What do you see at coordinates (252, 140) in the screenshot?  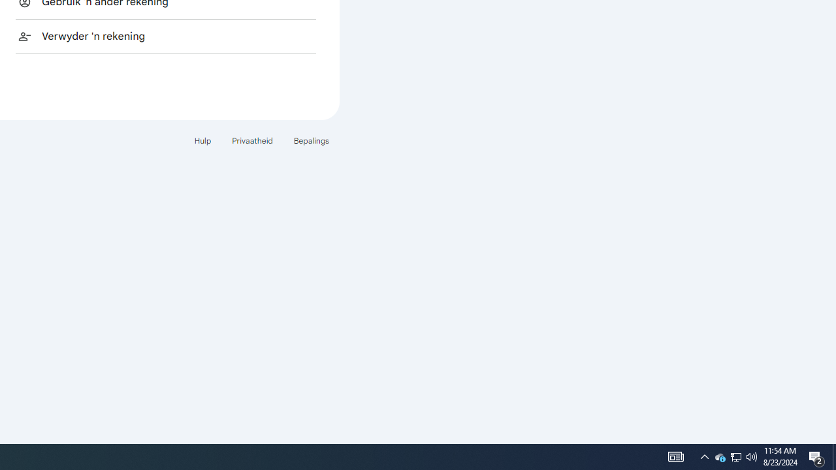 I see `'Privaatheid'` at bounding box center [252, 140].